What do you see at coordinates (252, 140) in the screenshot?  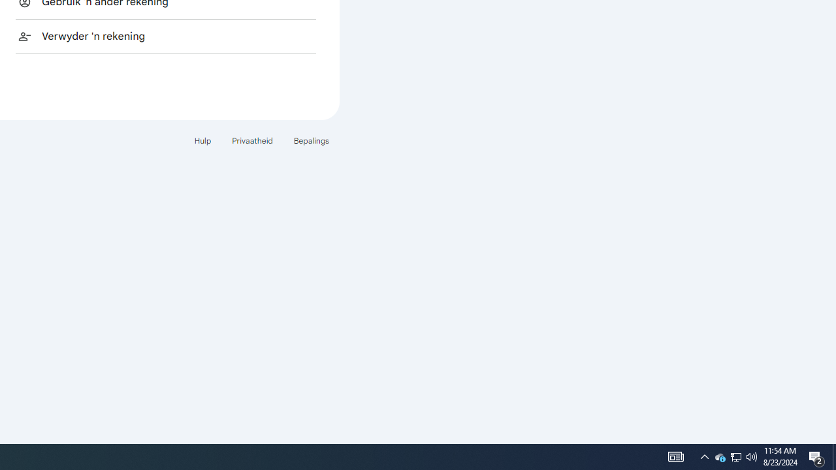 I see `'Privaatheid'` at bounding box center [252, 140].